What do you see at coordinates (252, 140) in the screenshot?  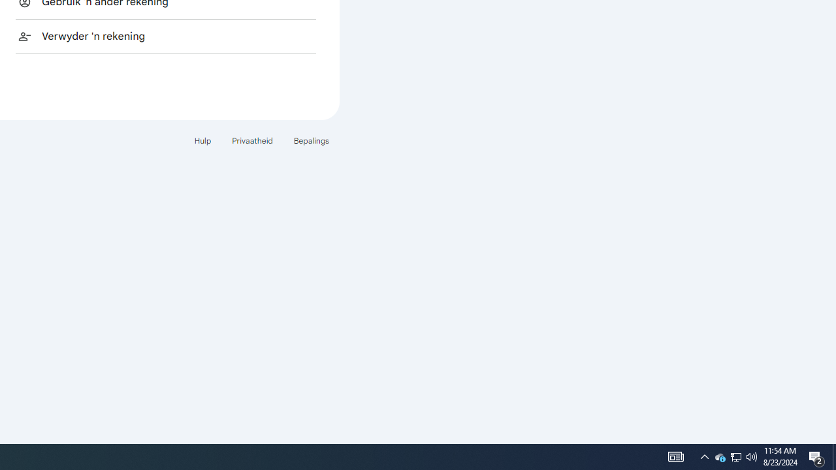 I see `'Privaatheid'` at bounding box center [252, 140].